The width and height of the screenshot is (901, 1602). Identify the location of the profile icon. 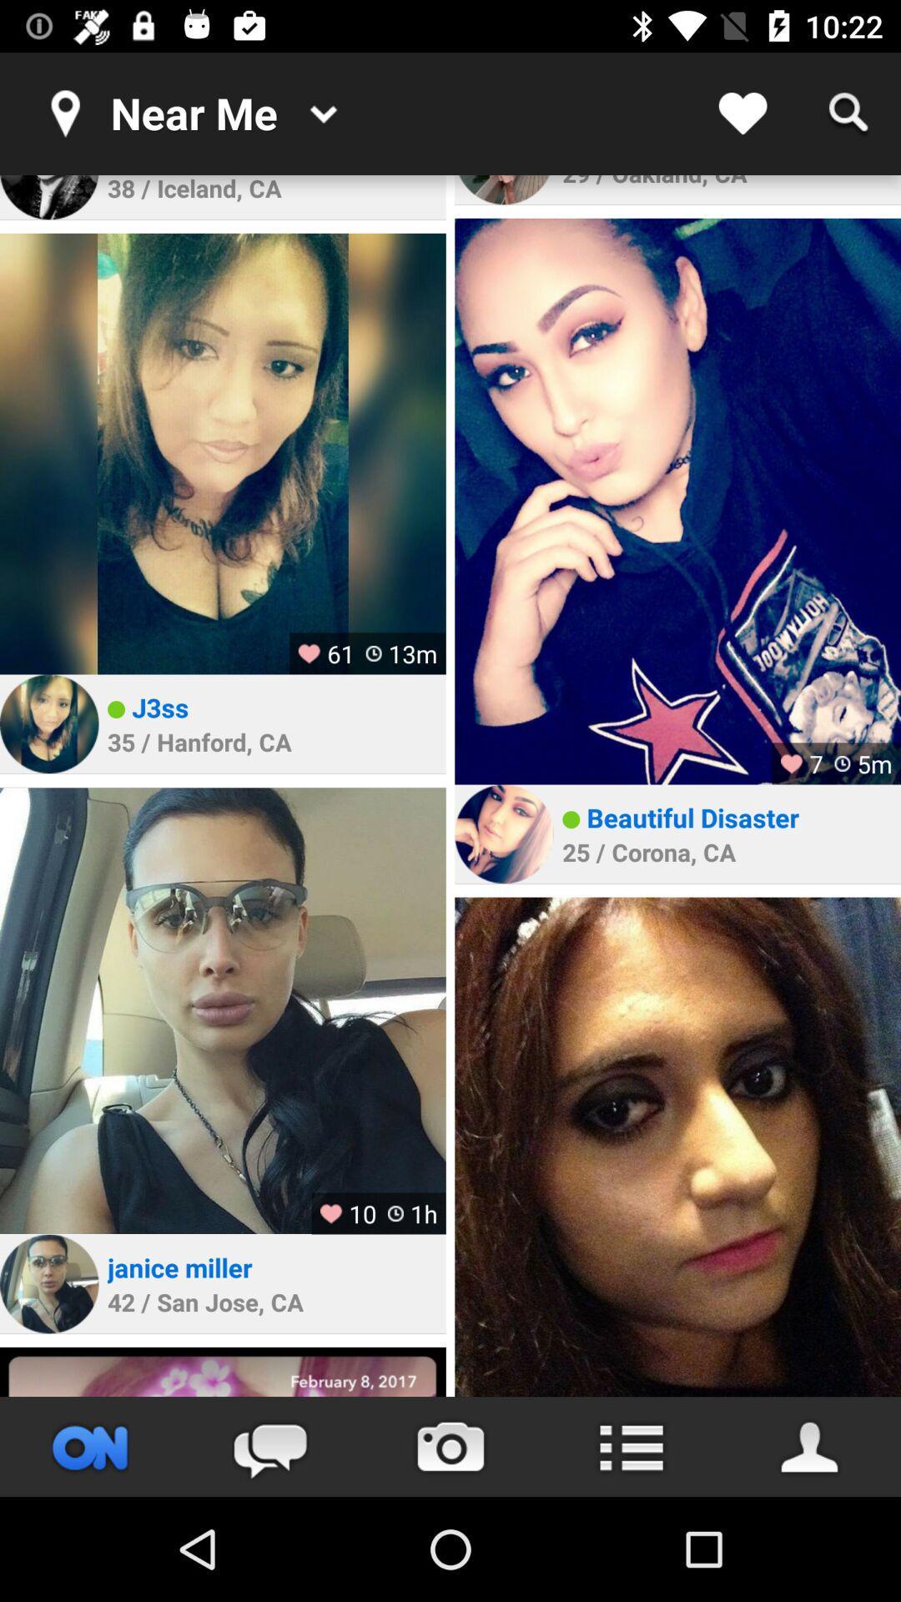
(810, 1446).